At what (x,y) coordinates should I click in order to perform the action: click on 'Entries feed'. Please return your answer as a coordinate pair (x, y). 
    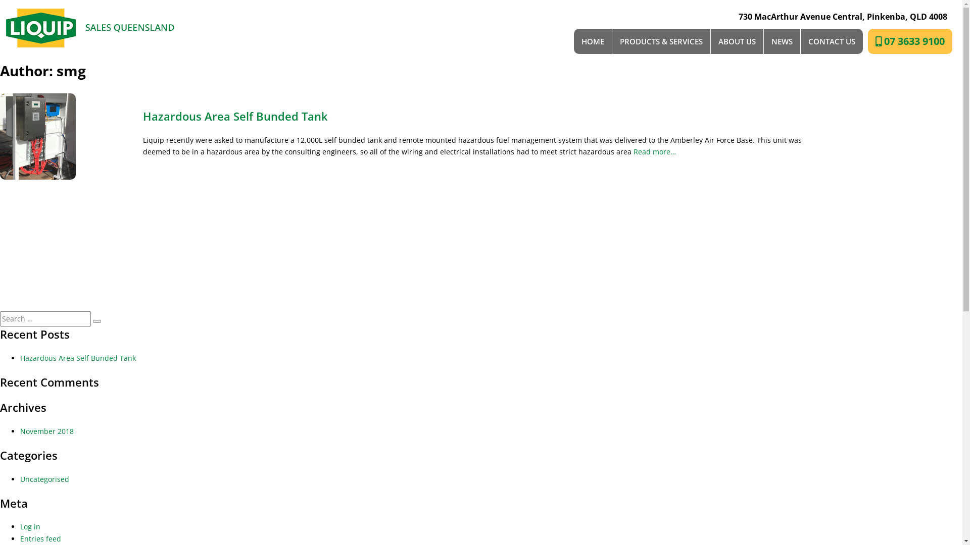
    Looking at the image, I should click on (40, 538).